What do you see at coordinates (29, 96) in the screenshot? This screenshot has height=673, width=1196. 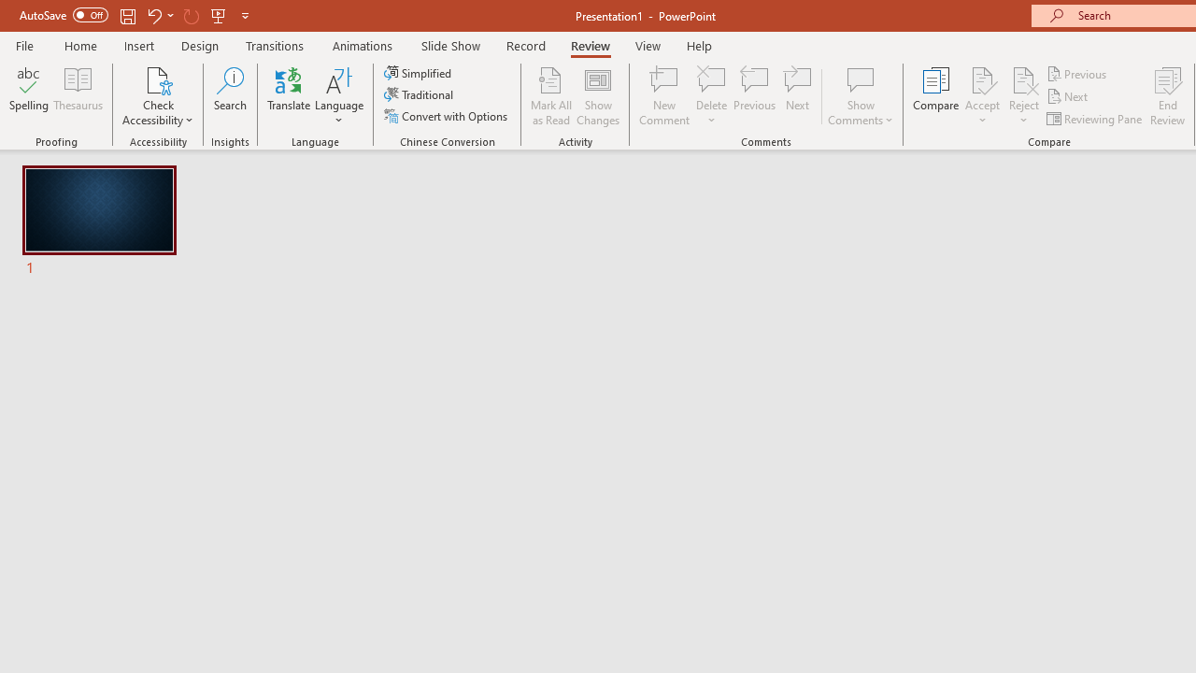 I see `'Spelling...'` at bounding box center [29, 96].